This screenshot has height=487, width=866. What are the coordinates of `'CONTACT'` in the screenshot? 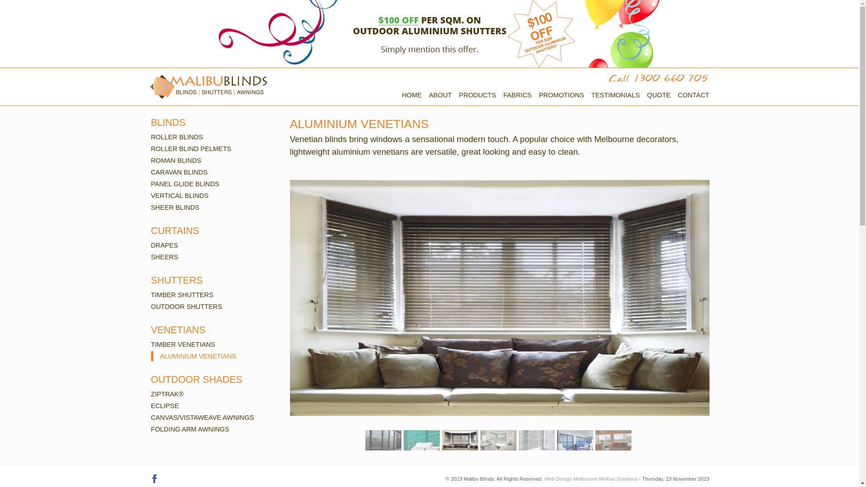 It's located at (693, 95).